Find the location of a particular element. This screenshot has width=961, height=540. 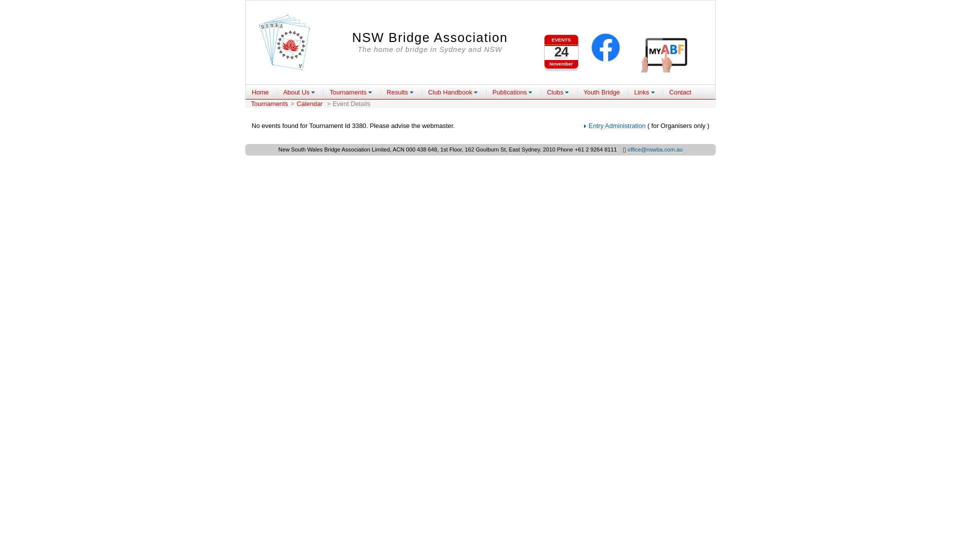

'Entry Administration' is located at coordinates (589, 125).